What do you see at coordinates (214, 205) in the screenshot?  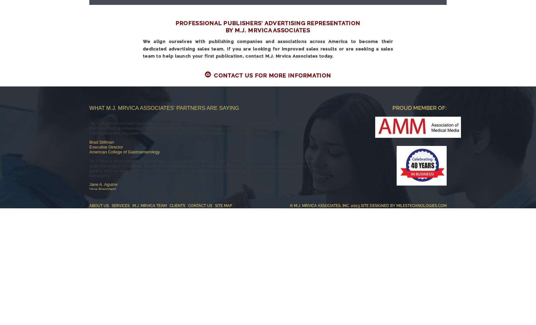 I see `'Site Map'` at bounding box center [214, 205].